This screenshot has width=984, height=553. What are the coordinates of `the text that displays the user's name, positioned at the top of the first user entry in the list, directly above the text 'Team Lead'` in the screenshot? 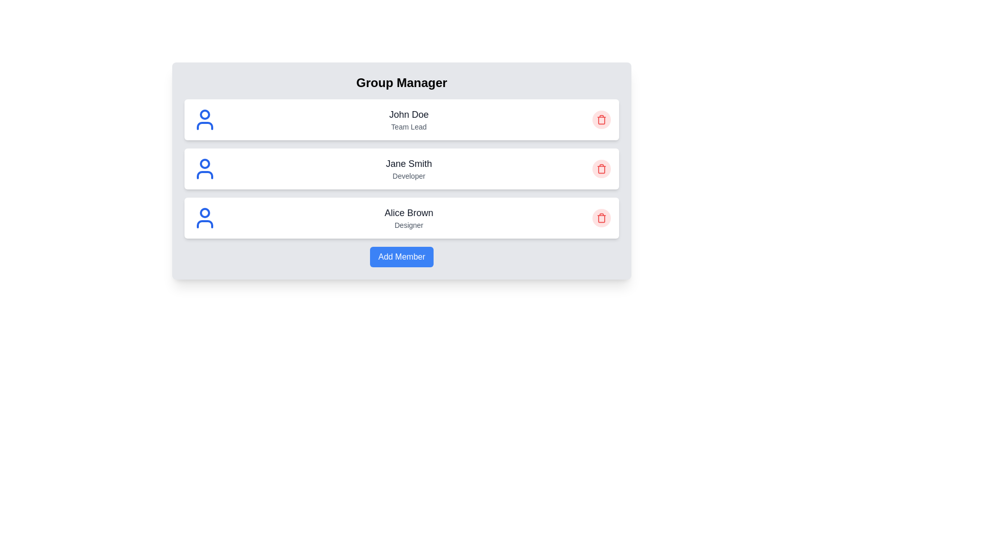 It's located at (408, 114).